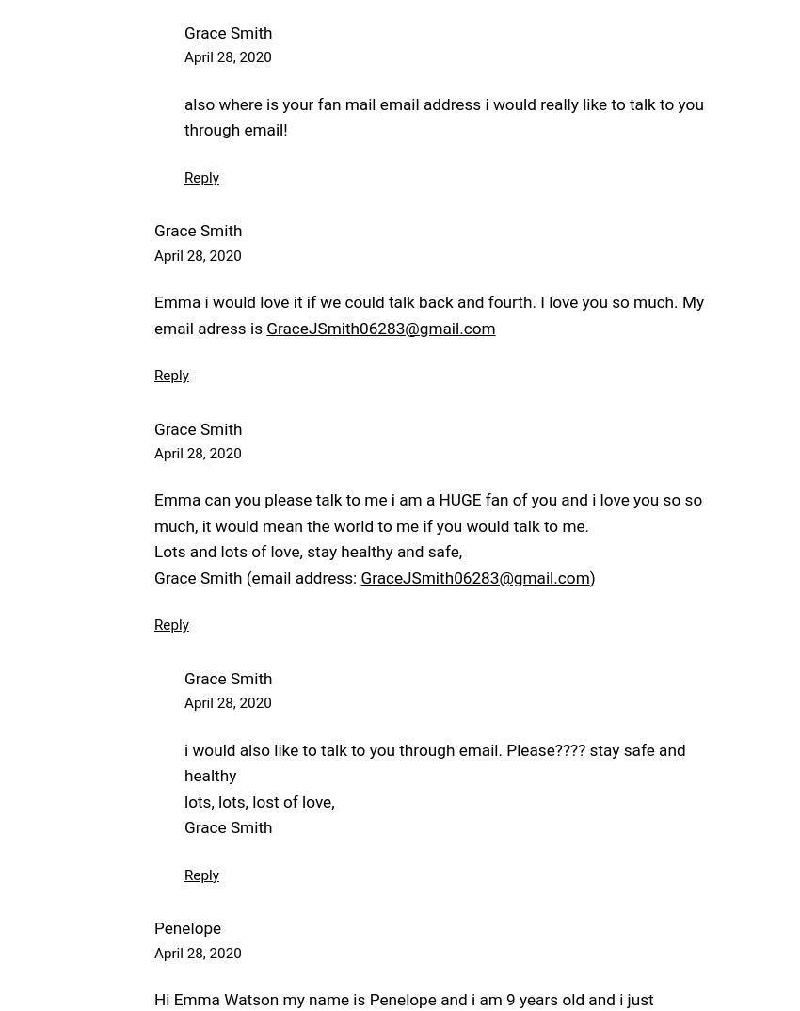 The image size is (800, 1011). What do you see at coordinates (428, 313) in the screenshot?
I see `'Emma i would love it if we could talk back and fourth. I love you so much. My email adress is'` at bounding box center [428, 313].